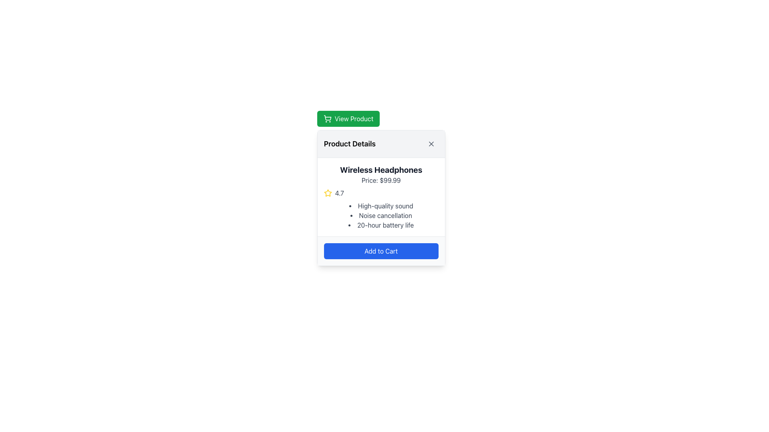 Image resolution: width=769 pixels, height=432 pixels. What do you see at coordinates (380, 206) in the screenshot?
I see `the first item in the vertical bullet-point list describing the 'High-quality sound' attribute of the product, located within the product details card` at bounding box center [380, 206].